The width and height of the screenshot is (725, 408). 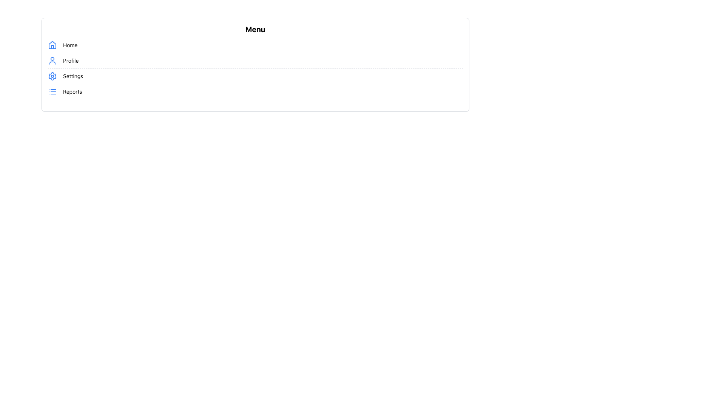 What do you see at coordinates (73, 76) in the screenshot?
I see `text from the 'Settings' label, which is displayed in a small-sized, regular font as part of the menu layout between 'Profile' and 'Reports'` at bounding box center [73, 76].